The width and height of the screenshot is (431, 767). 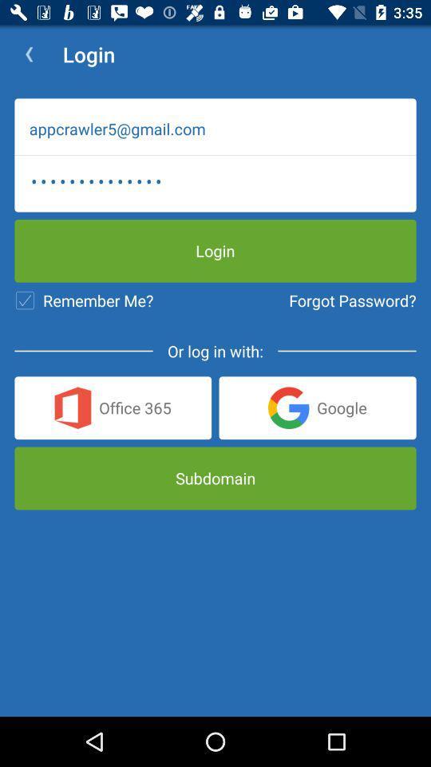 What do you see at coordinates (84, 300) in the screenshot?
I see `icon next to forgot password?` at bounding box center [84, 300].